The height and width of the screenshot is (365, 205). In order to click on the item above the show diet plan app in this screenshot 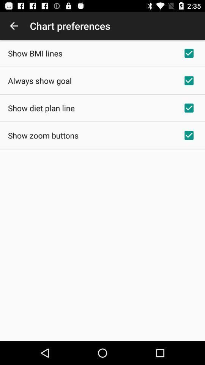, I will do `click(39, 81)`.